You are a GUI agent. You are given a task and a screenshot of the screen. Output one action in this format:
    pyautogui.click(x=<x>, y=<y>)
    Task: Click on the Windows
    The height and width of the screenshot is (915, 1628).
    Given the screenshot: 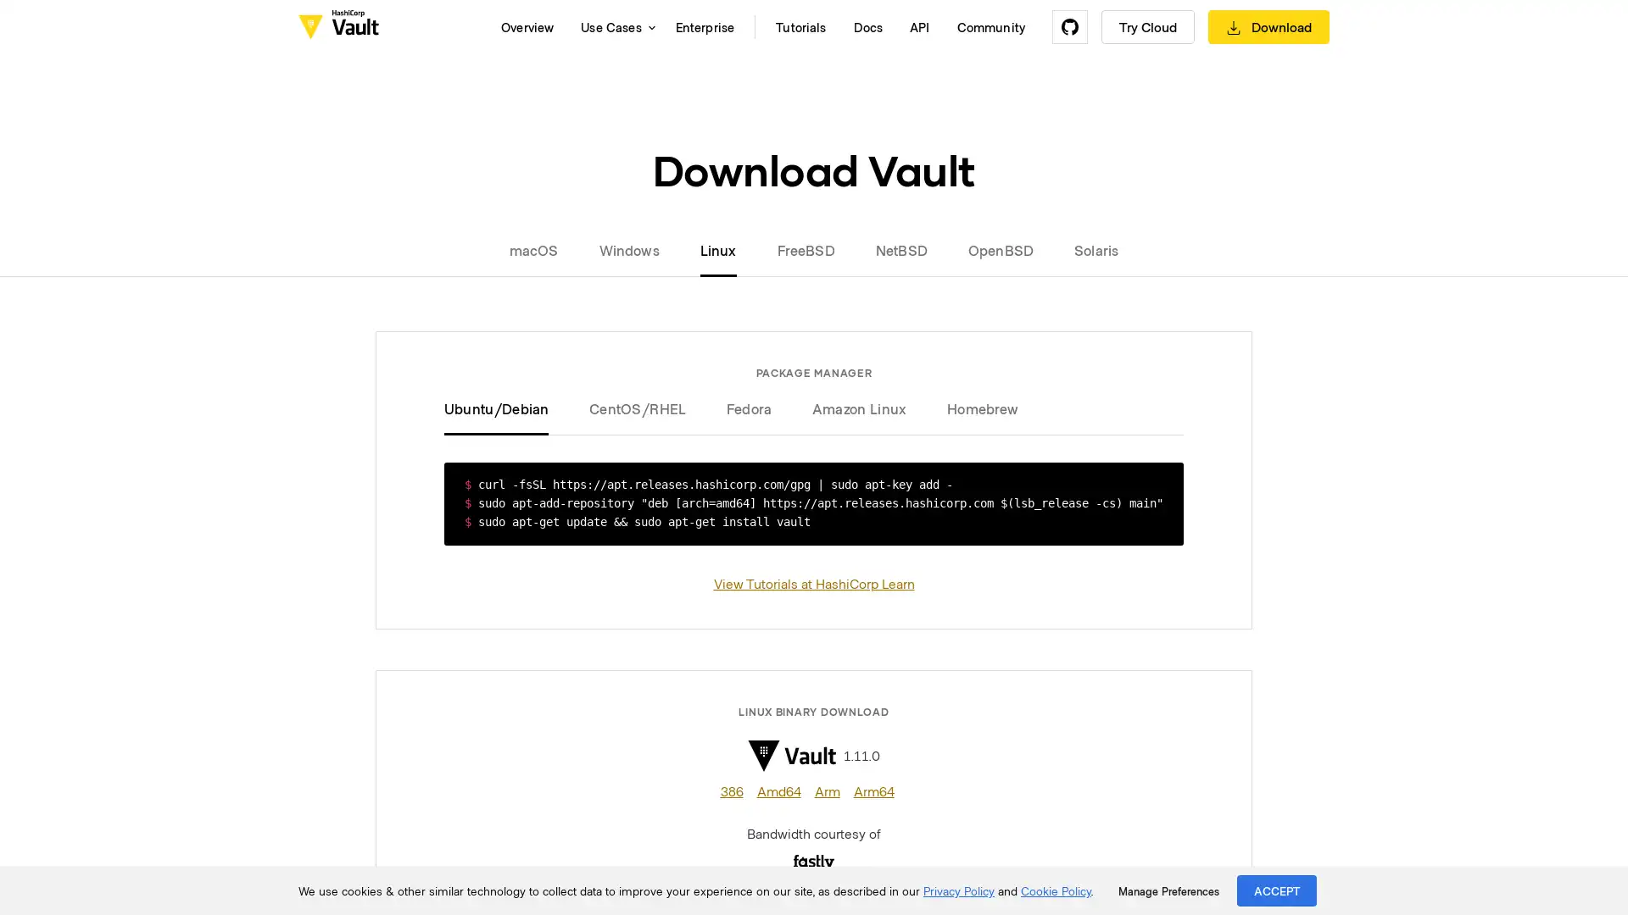 What is the action you would take?
    pyautogui.click(x=627, y=249)
    